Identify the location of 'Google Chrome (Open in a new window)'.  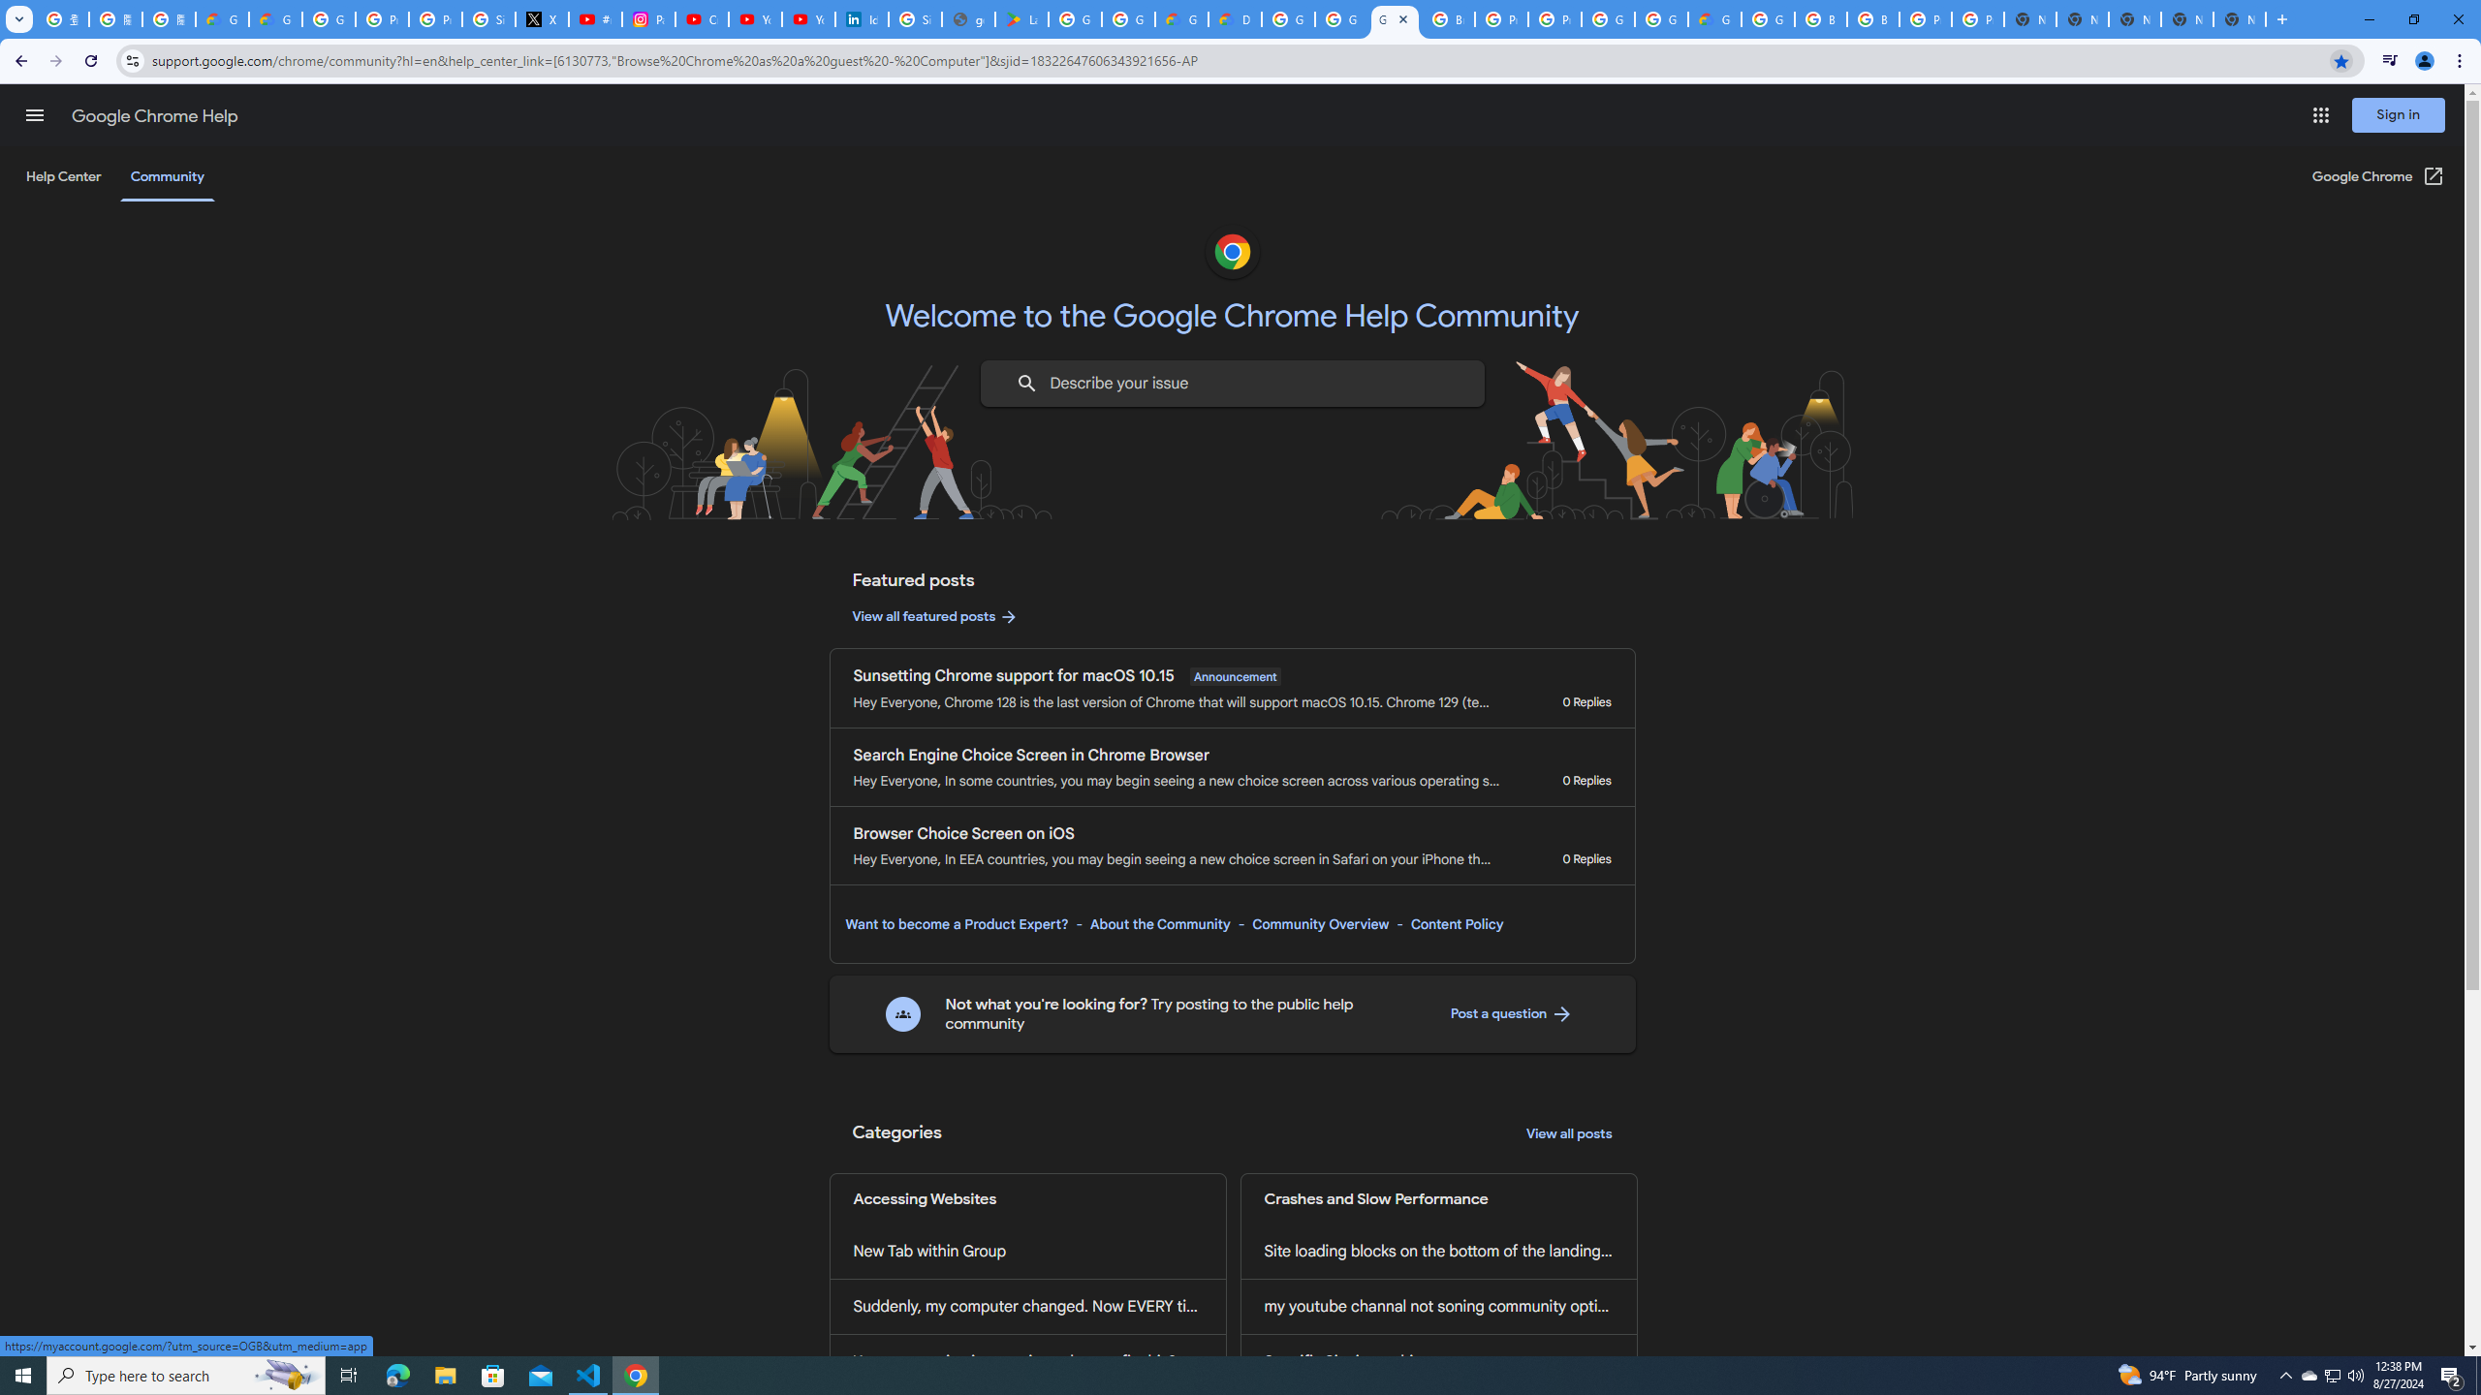
(2378, 175).